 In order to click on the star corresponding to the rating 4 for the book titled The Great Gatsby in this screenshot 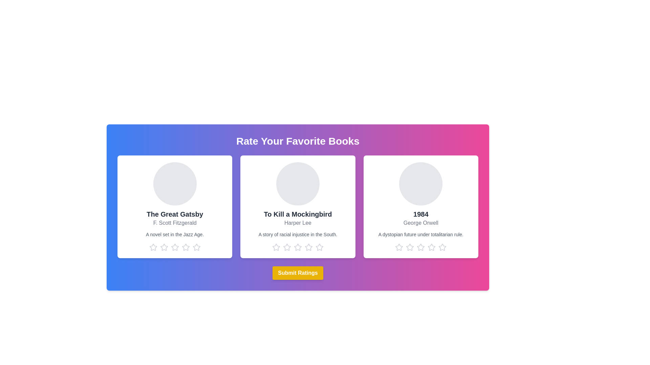, I will do `click(186, 247)`.